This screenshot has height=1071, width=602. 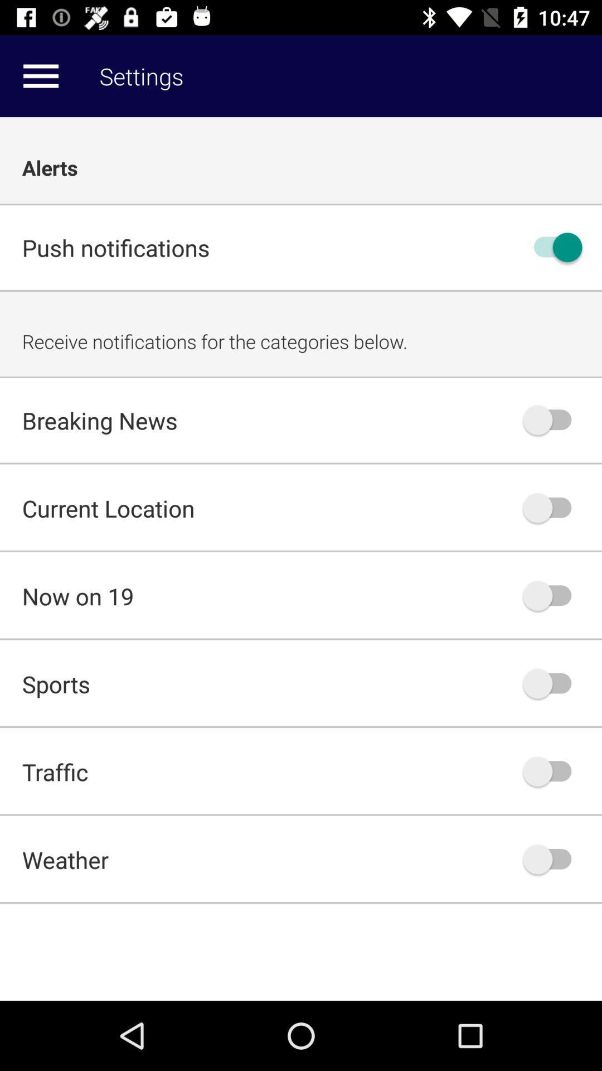 What do you see at coordinates (552, 858) in the screenshot?
I see `weather option turned off` at bounding box center [552, 858].